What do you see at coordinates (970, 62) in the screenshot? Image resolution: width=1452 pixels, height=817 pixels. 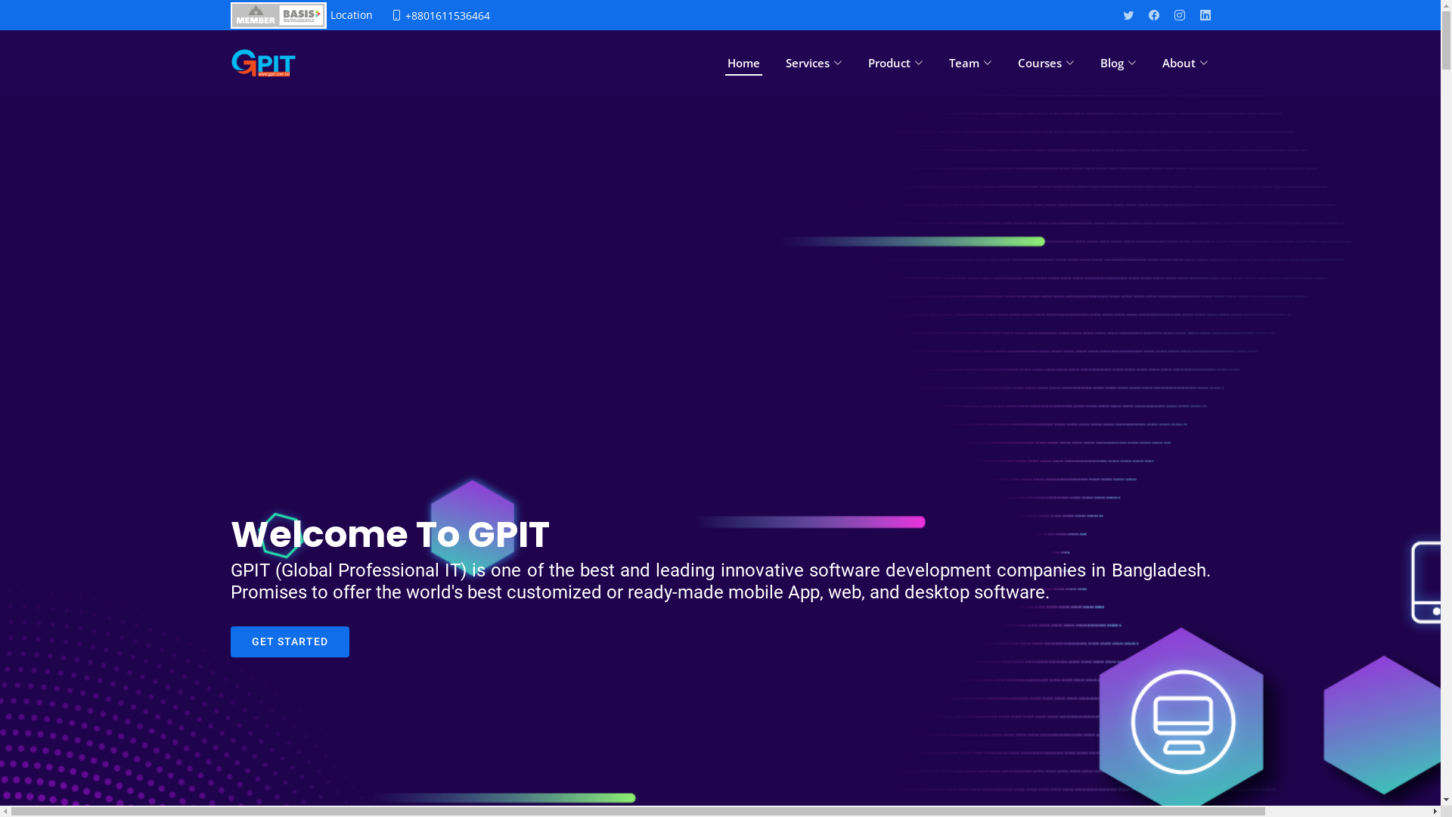 I see `'Team'` at bounding box center [970, 62].